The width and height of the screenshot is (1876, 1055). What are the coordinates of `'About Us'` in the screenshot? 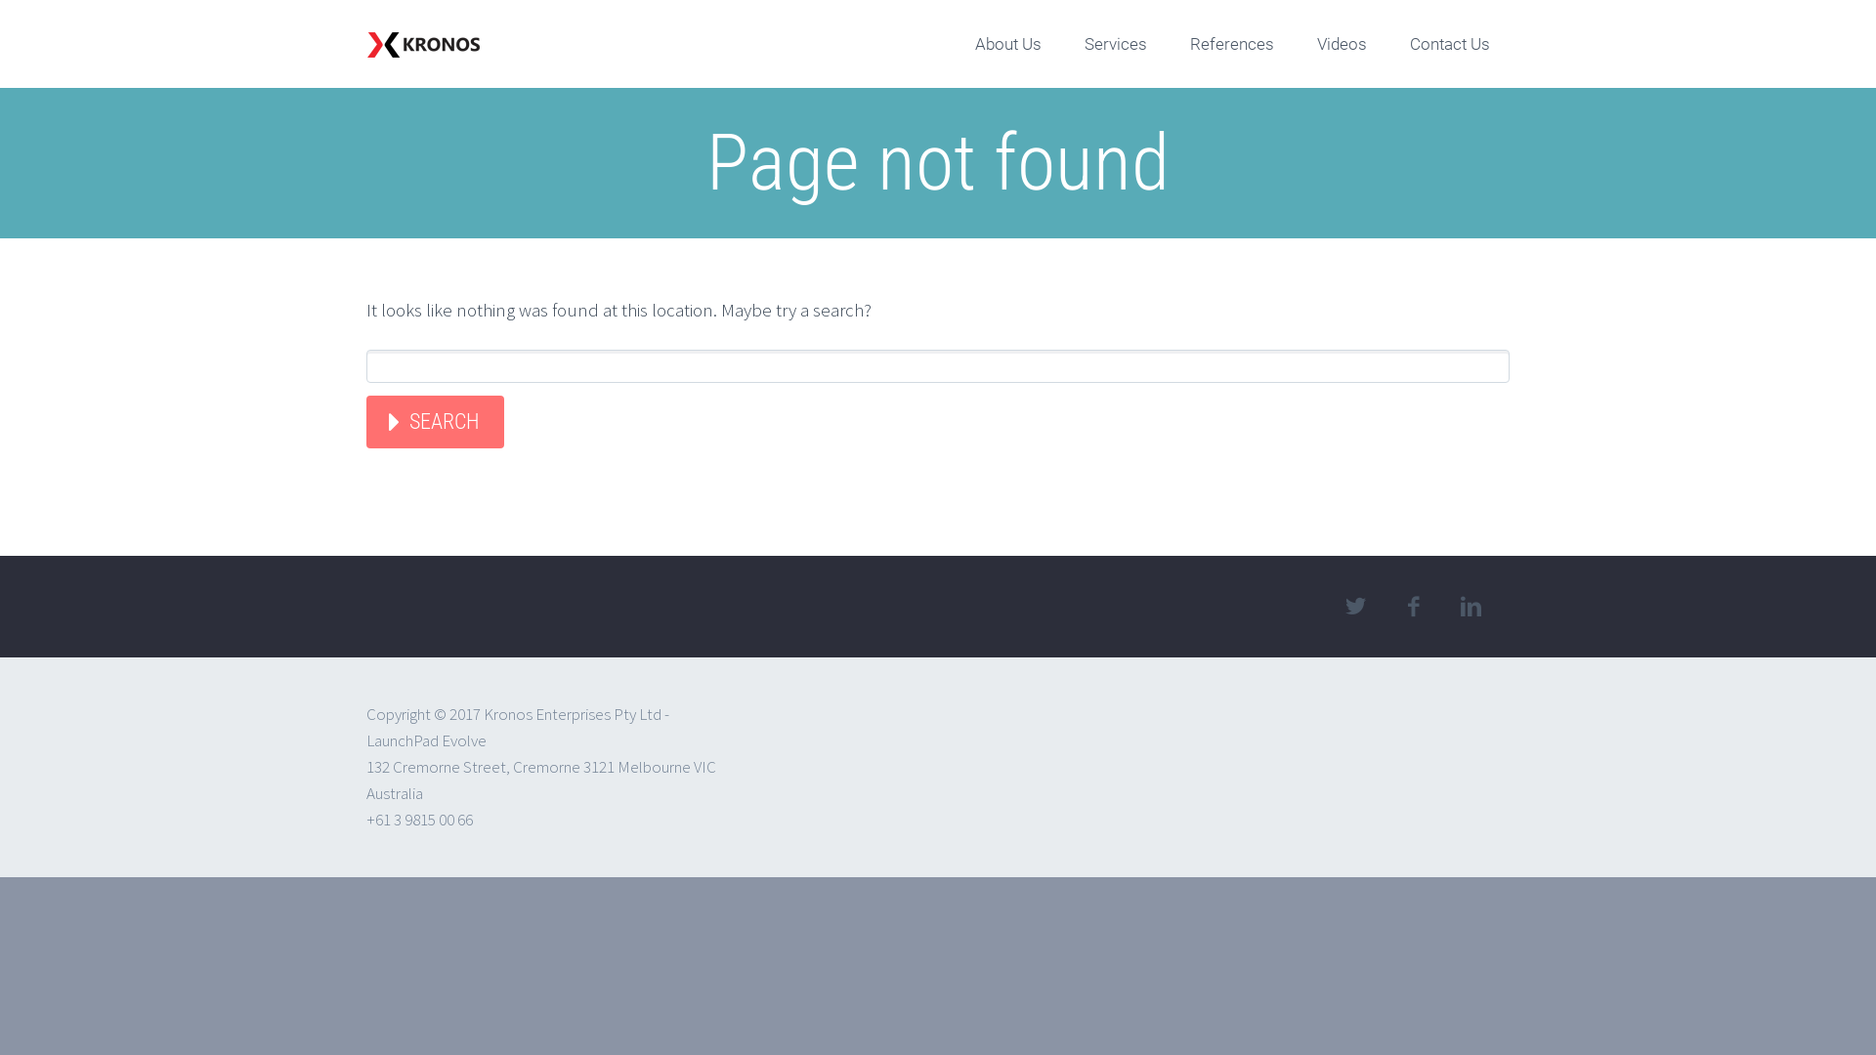 It's located at (1008, 44).